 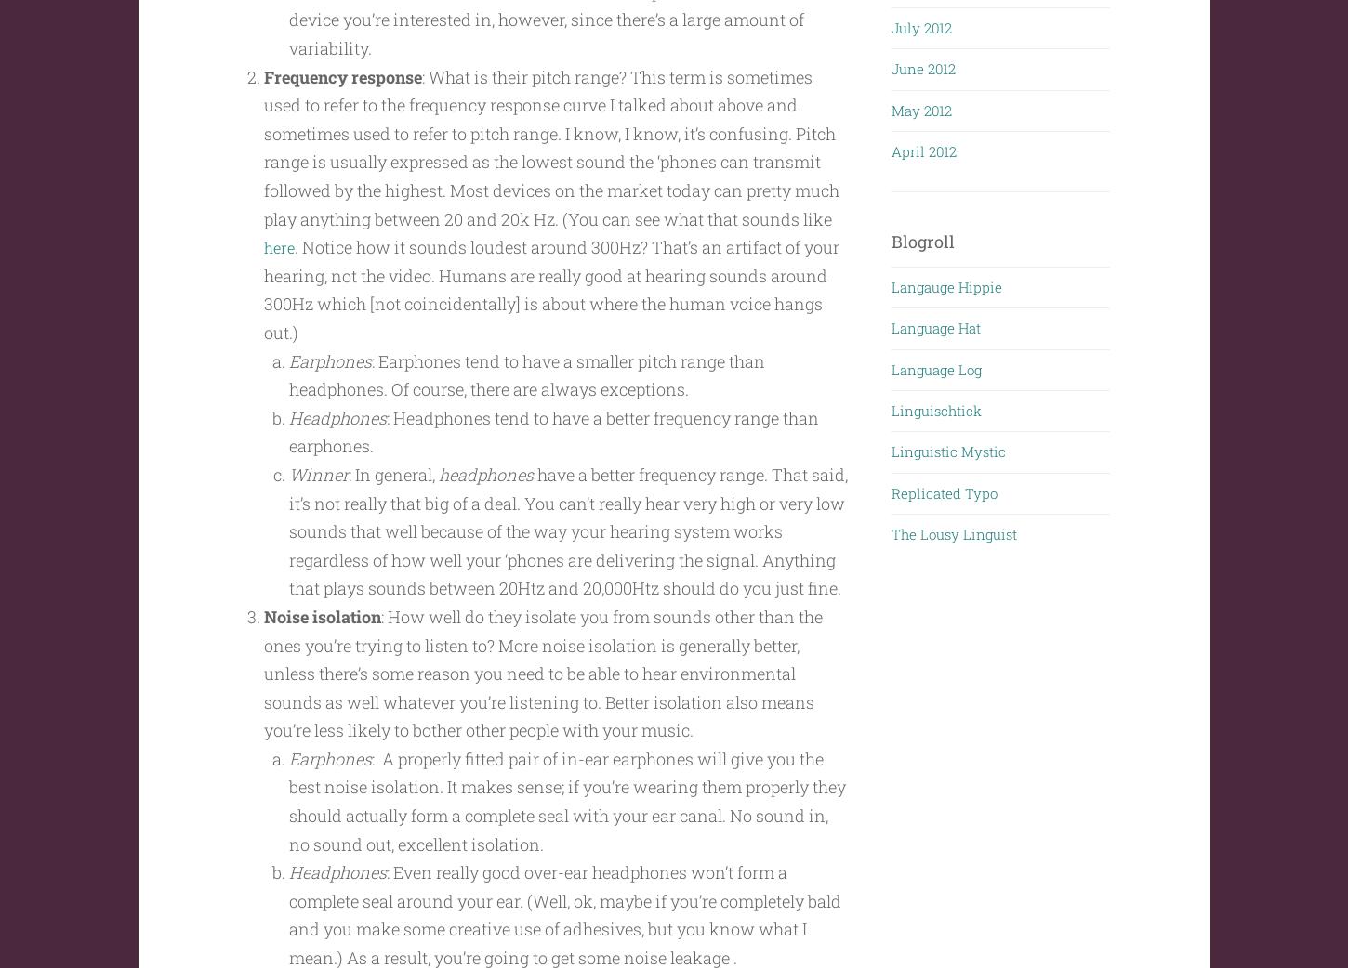 What do you see at coordinates (318, 509) in the screenshot?
I see `'Winner'` at bounding box center [318, 509].